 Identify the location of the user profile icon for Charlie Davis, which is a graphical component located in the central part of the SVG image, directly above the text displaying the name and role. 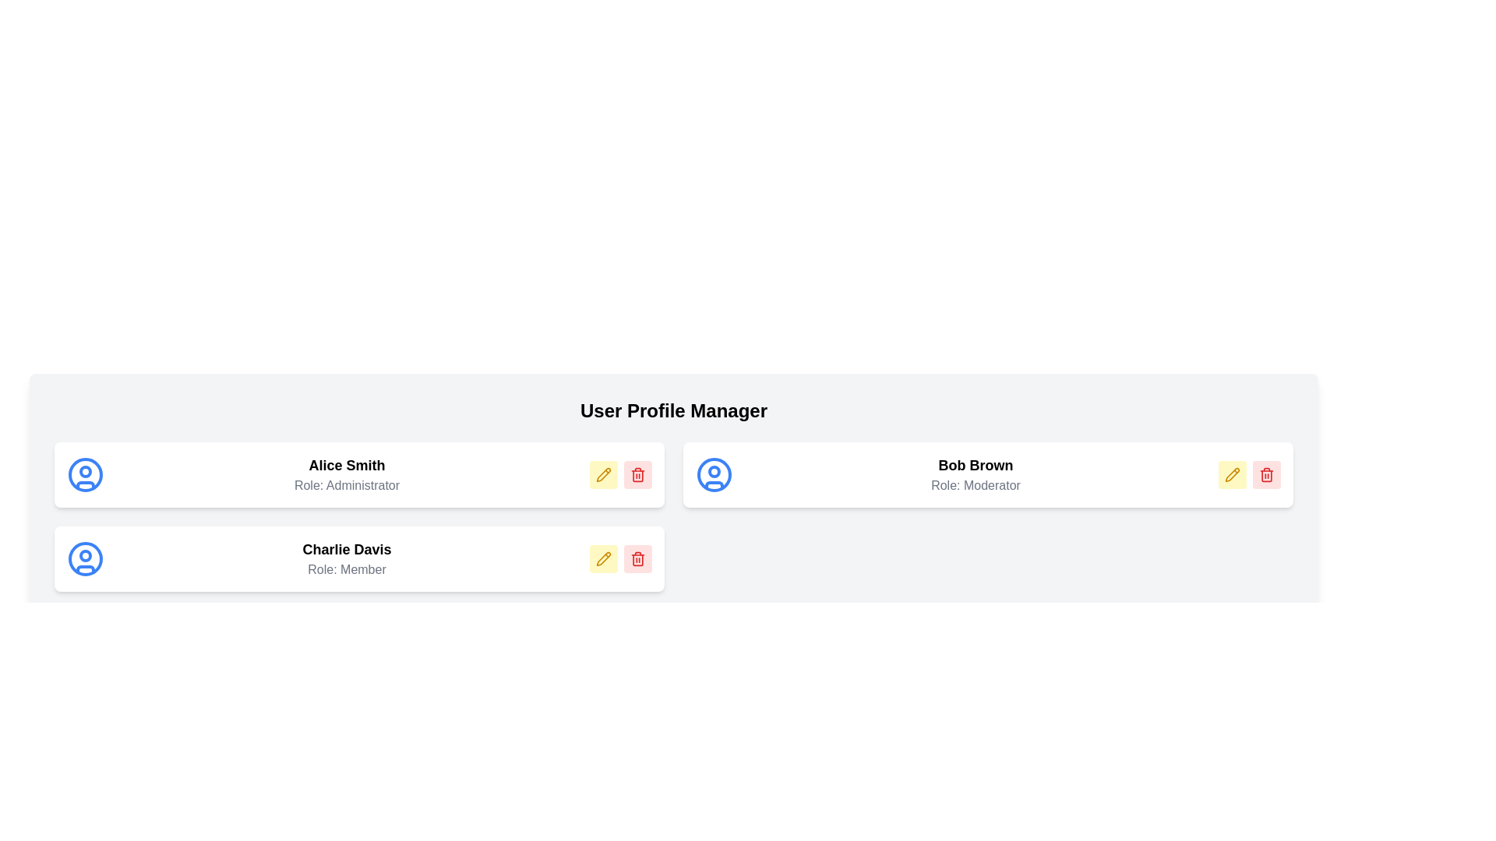
(85, 554).